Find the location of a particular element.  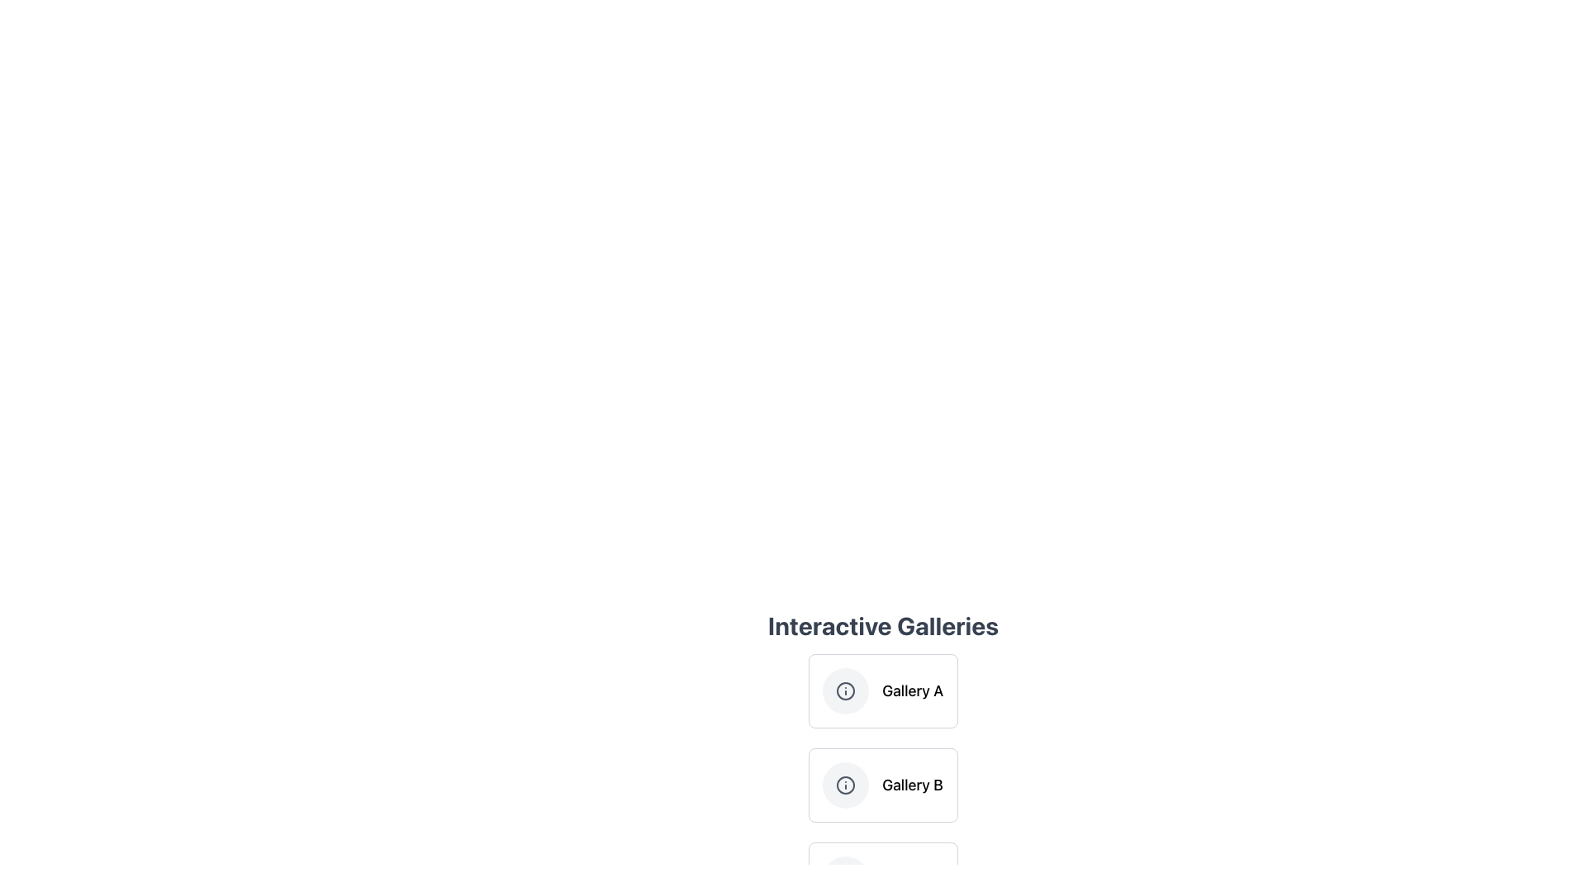

the bolded title text 'Interactive Galleries', which is styled in dark gray and centered above the gallery list is located at coordinates (882, 626).